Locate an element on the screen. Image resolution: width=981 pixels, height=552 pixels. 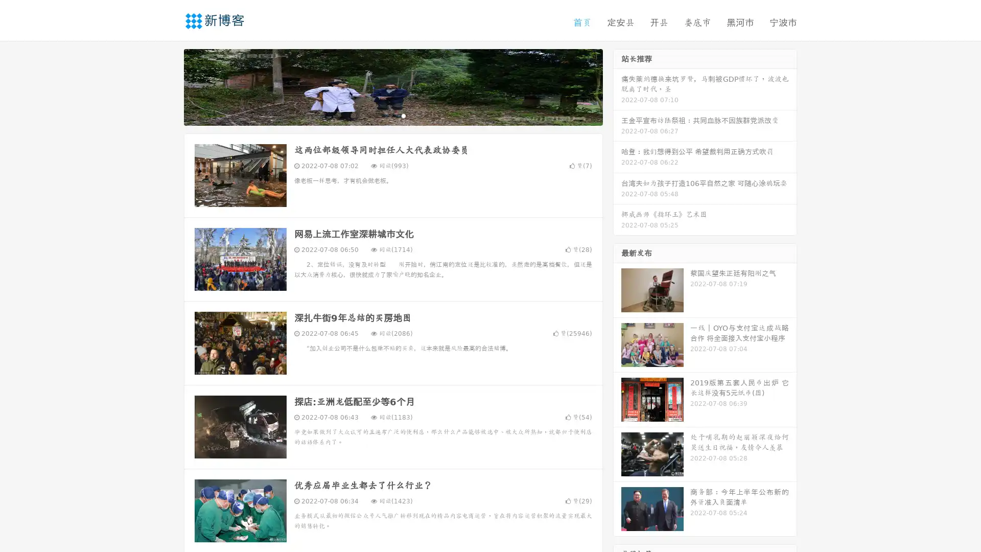
Go to slide 1 is located at coordinates (382, 115).